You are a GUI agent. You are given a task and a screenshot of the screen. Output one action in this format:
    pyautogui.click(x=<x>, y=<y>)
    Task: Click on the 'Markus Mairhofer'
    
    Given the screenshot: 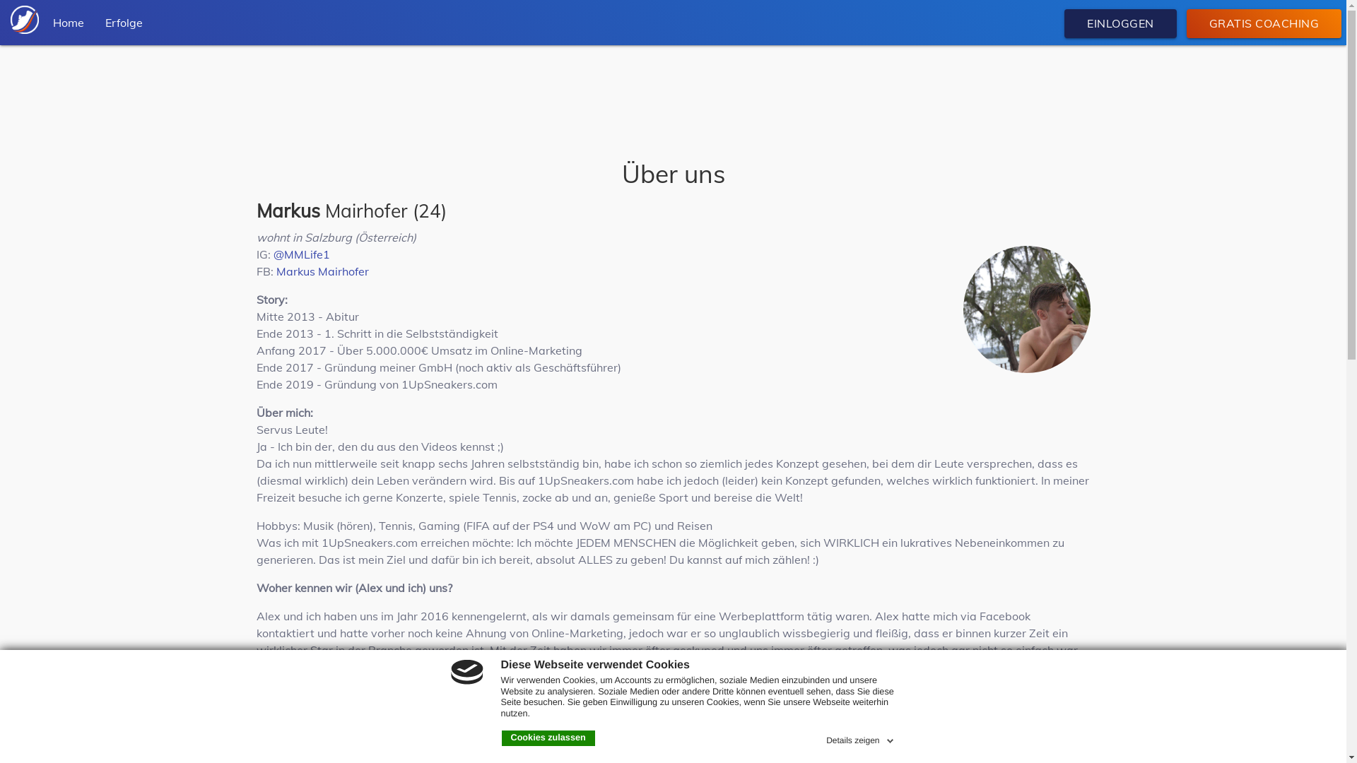 What is the action you would take?
    pyautogui.click(x=321, y=271)
    